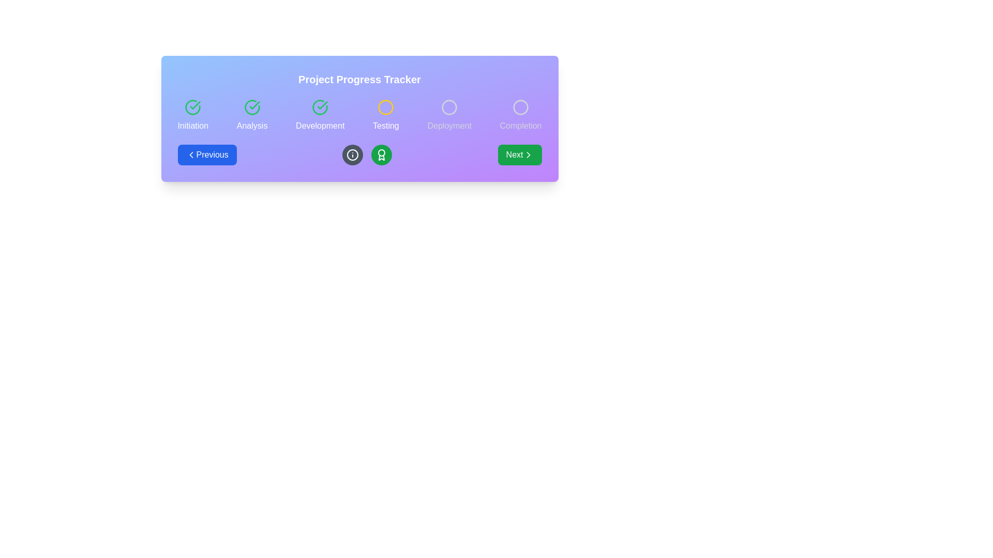 The width and height of the screenshot is (993, 558). I want to click on the SVG Circle that is part of the progress tracking UI, located below the 'Development' step and above the navigation buttons, so click(353, 155).